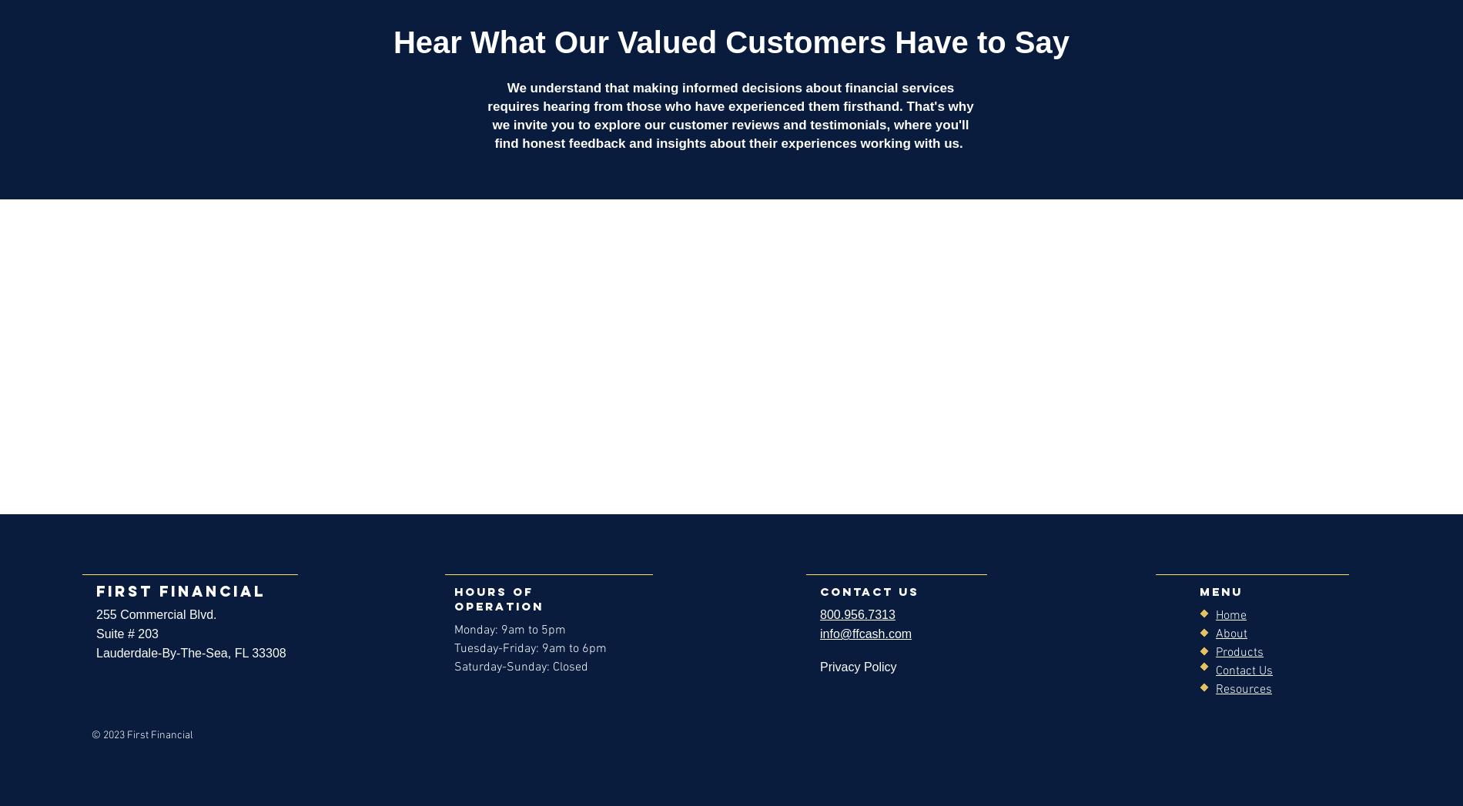  I want to click on 'Menu', so click(1220, 590).